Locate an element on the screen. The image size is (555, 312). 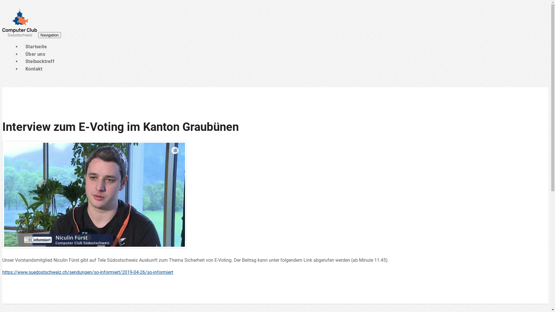
'Navigation' is located at coordinates (49, 35).